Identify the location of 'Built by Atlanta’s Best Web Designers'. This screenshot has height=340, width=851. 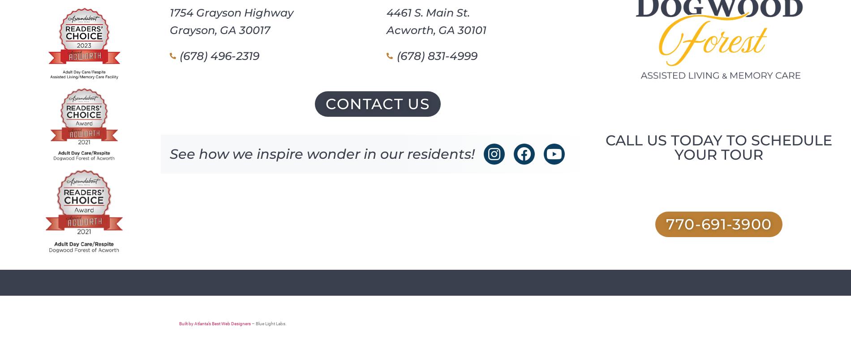
(215, 323).